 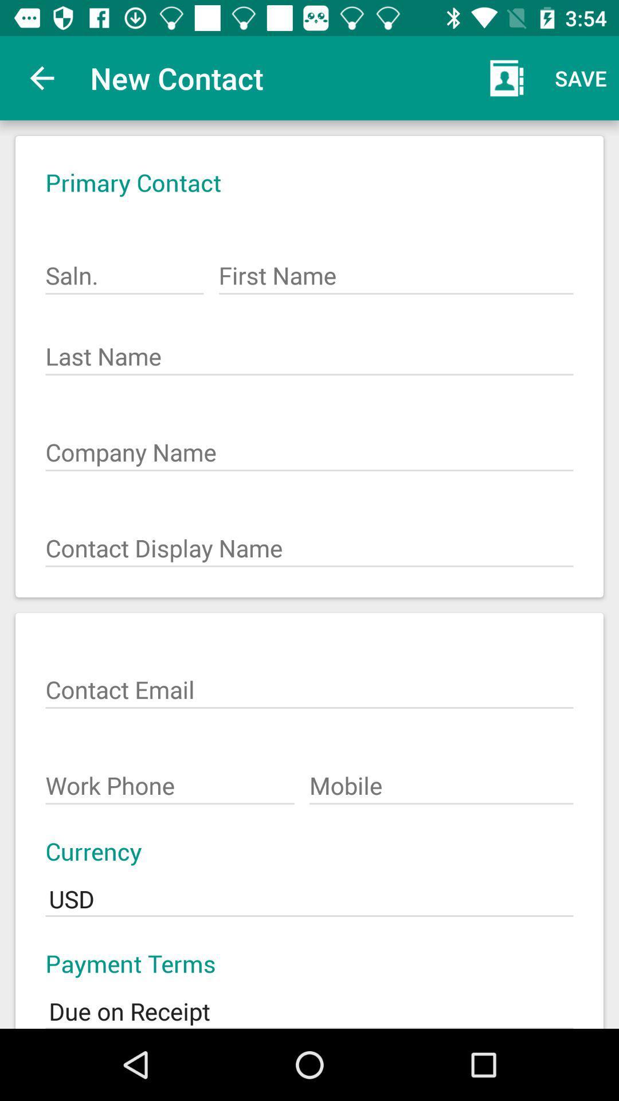 What do you see at coordinates (309, 684) in the screenshot?
I see `the text box which says contact email` at bounding box center [309, 684].